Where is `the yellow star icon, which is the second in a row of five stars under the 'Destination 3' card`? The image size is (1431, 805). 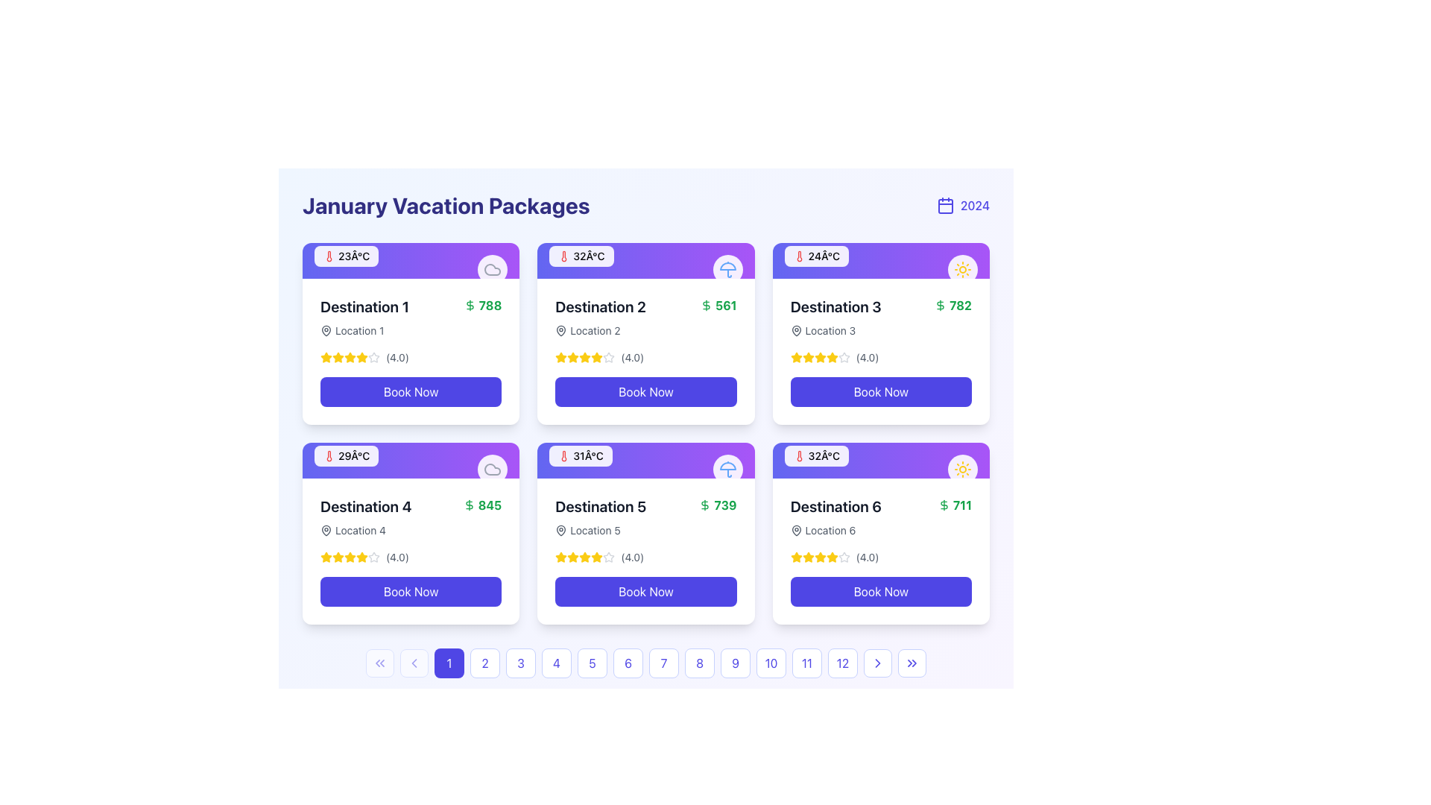
the yellow star icon, which is the second in a row of five stars under the 'Destination 3' card is located at coordinates (807, 357).